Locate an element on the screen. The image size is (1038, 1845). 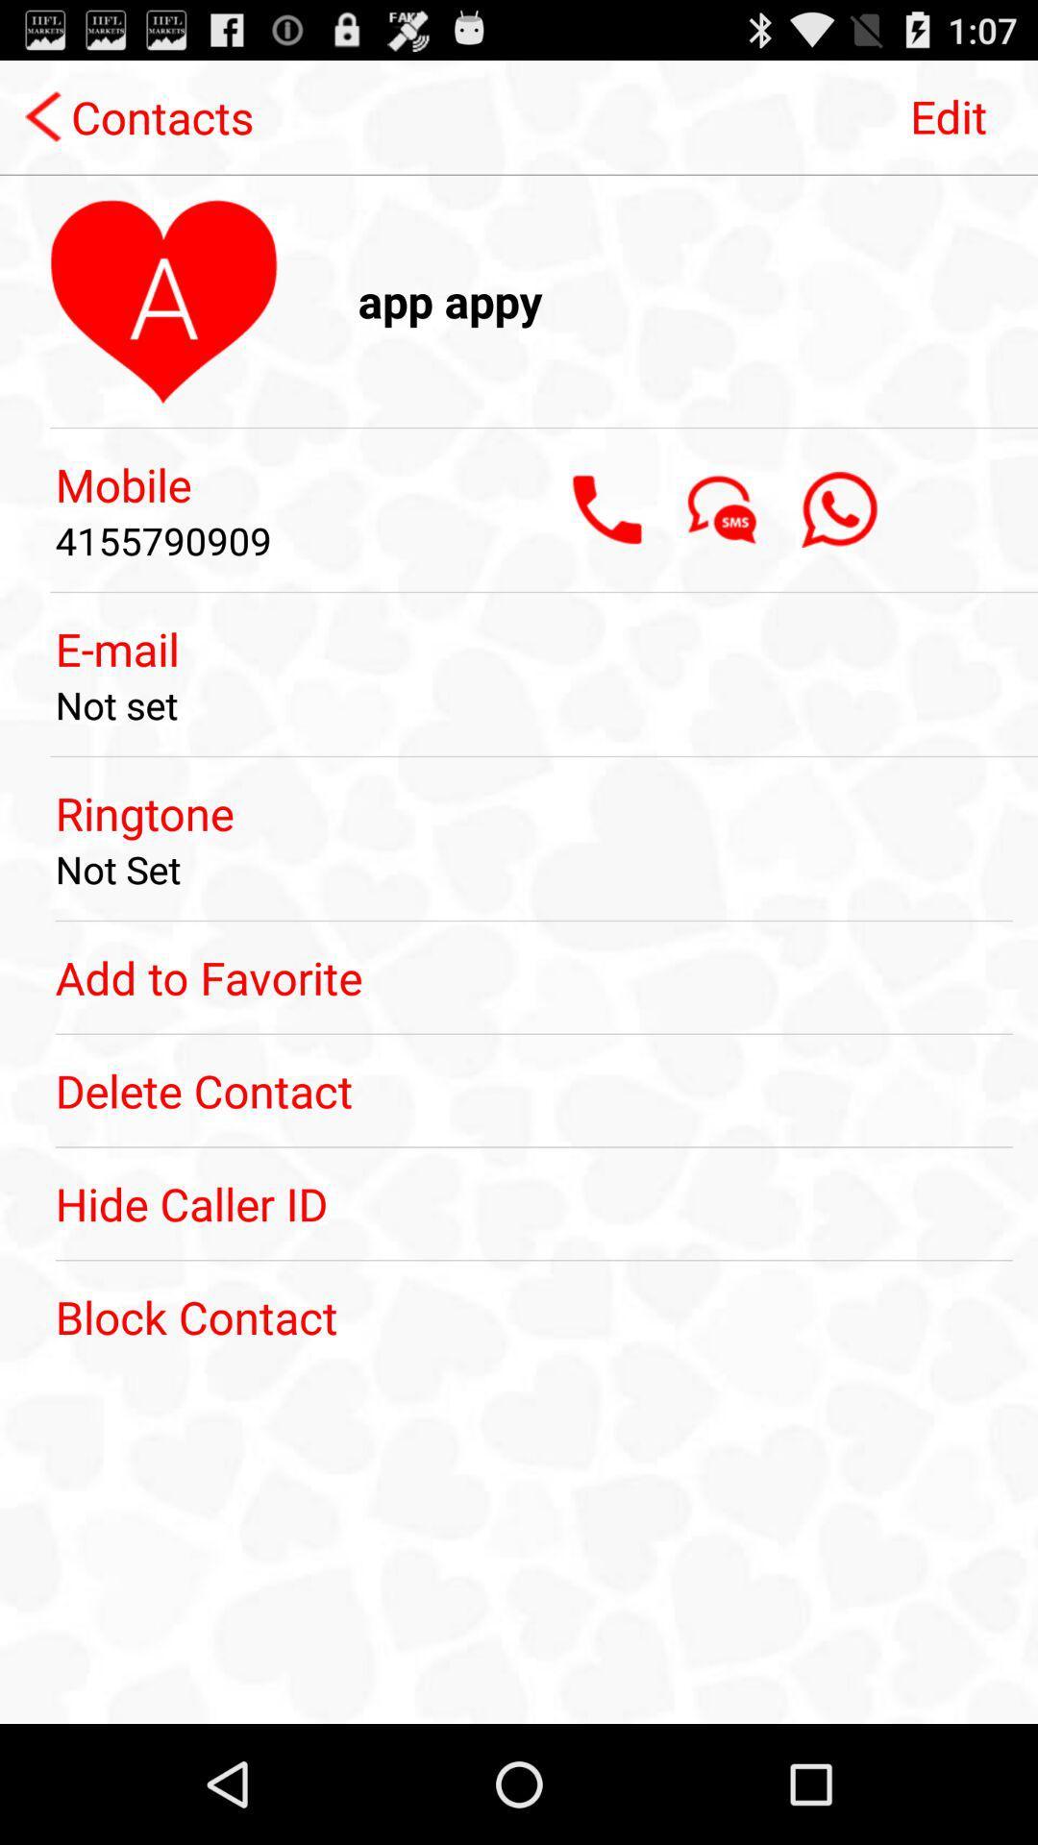
call the business is located at coordinates (606, 509).